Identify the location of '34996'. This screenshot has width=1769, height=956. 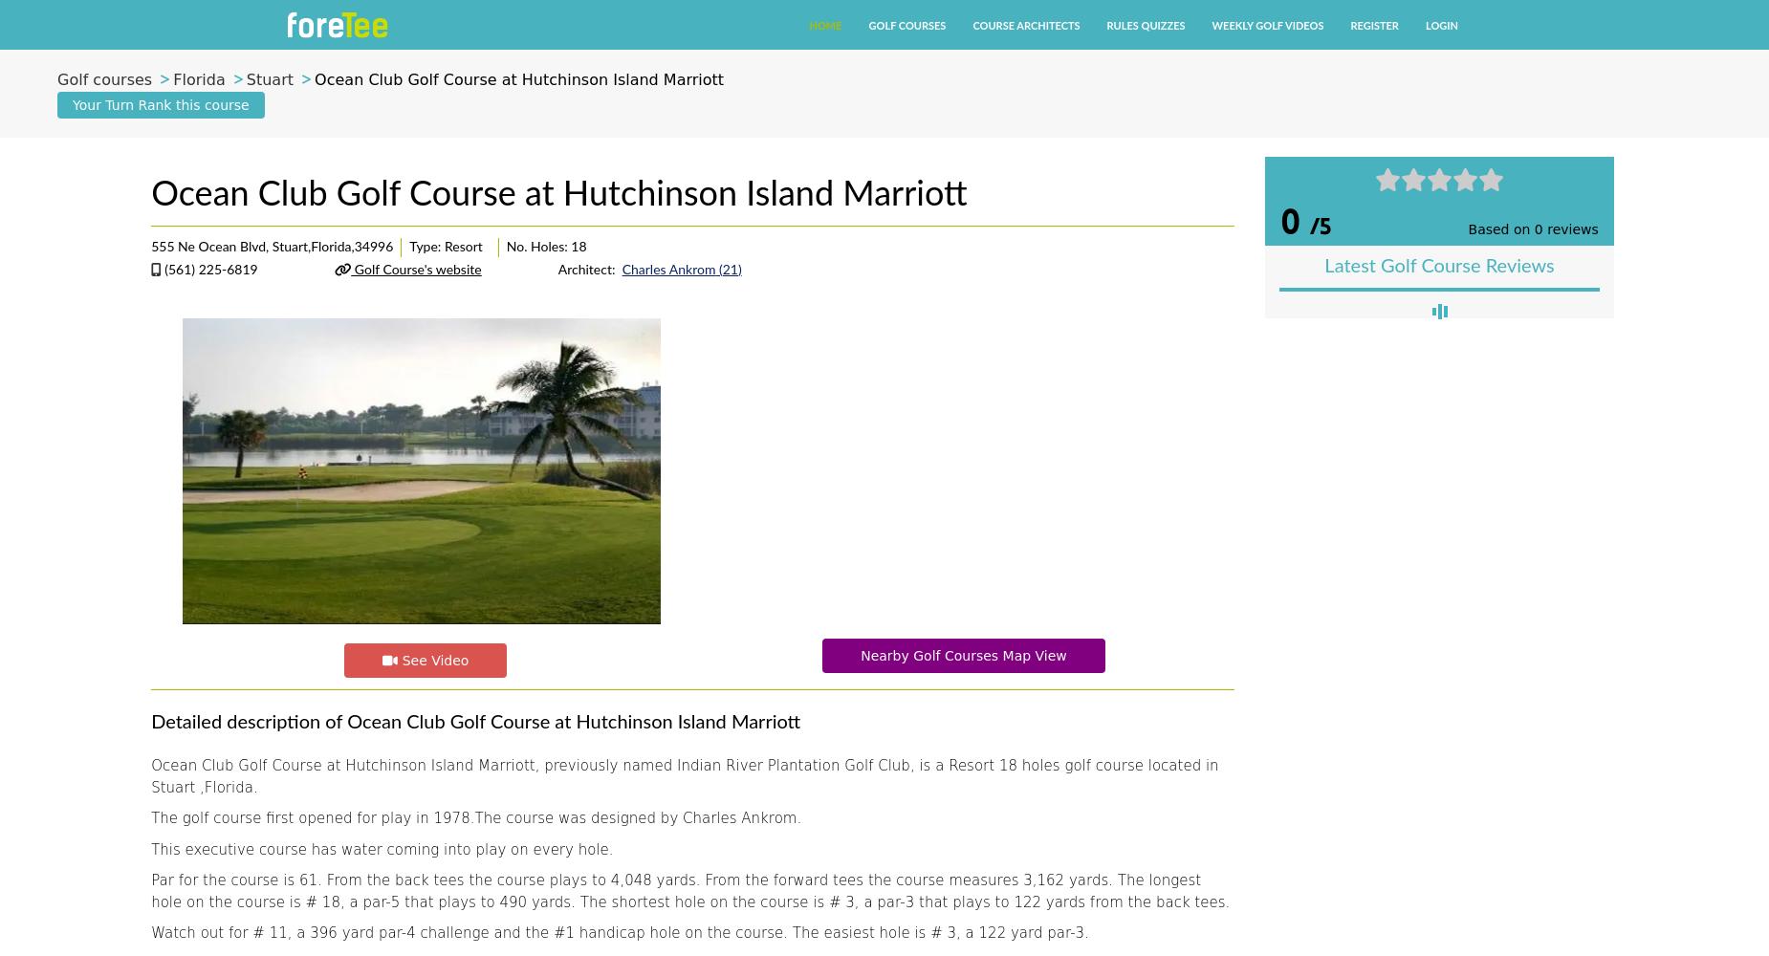
(372, 248).